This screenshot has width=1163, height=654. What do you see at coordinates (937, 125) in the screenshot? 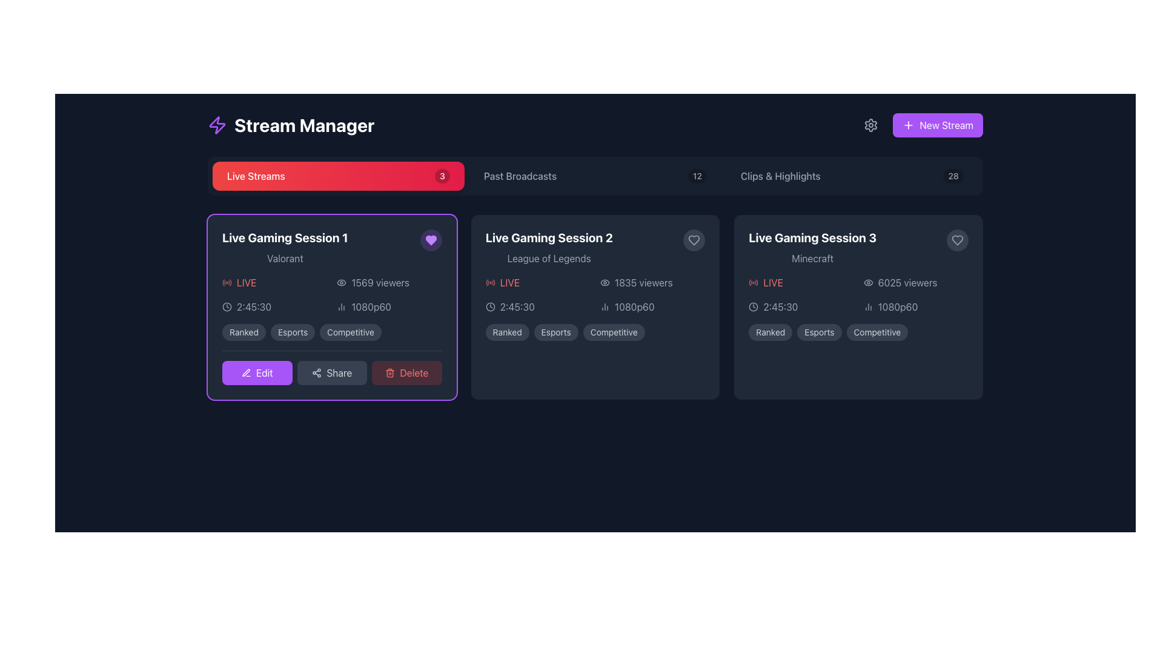
I see `the 'New Stream' button with rounded edges and a purple background` at bounding box center [937, 125].